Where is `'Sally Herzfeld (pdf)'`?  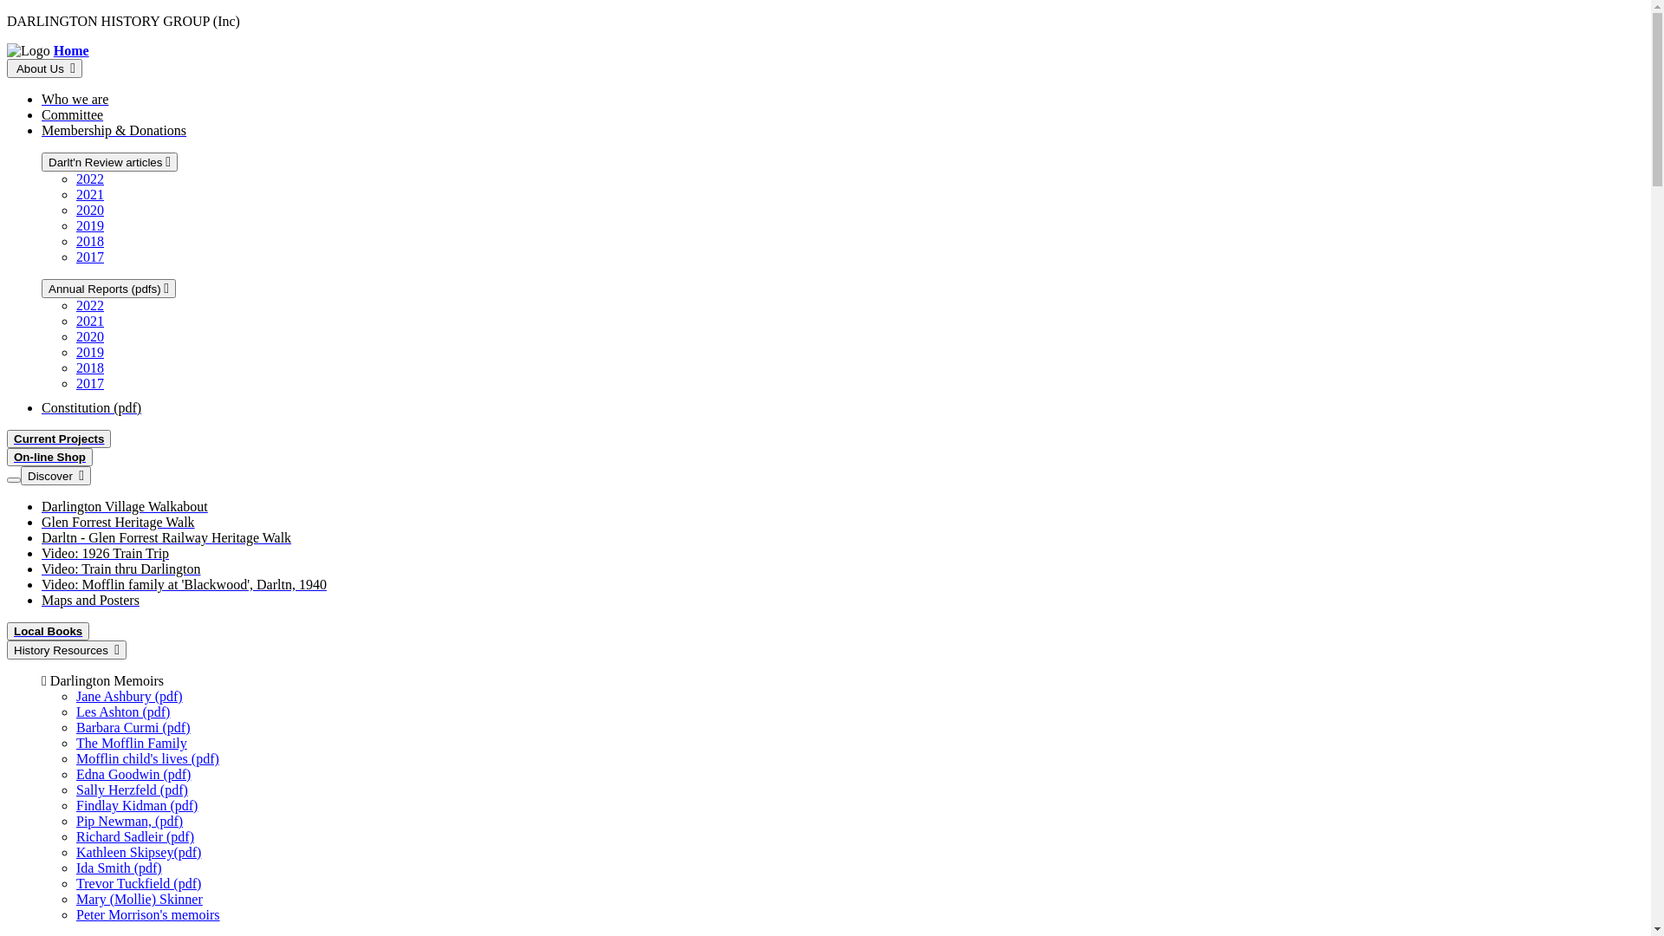
'Sally Herzfeld (pdf)' is located at coordinates (131, 790).